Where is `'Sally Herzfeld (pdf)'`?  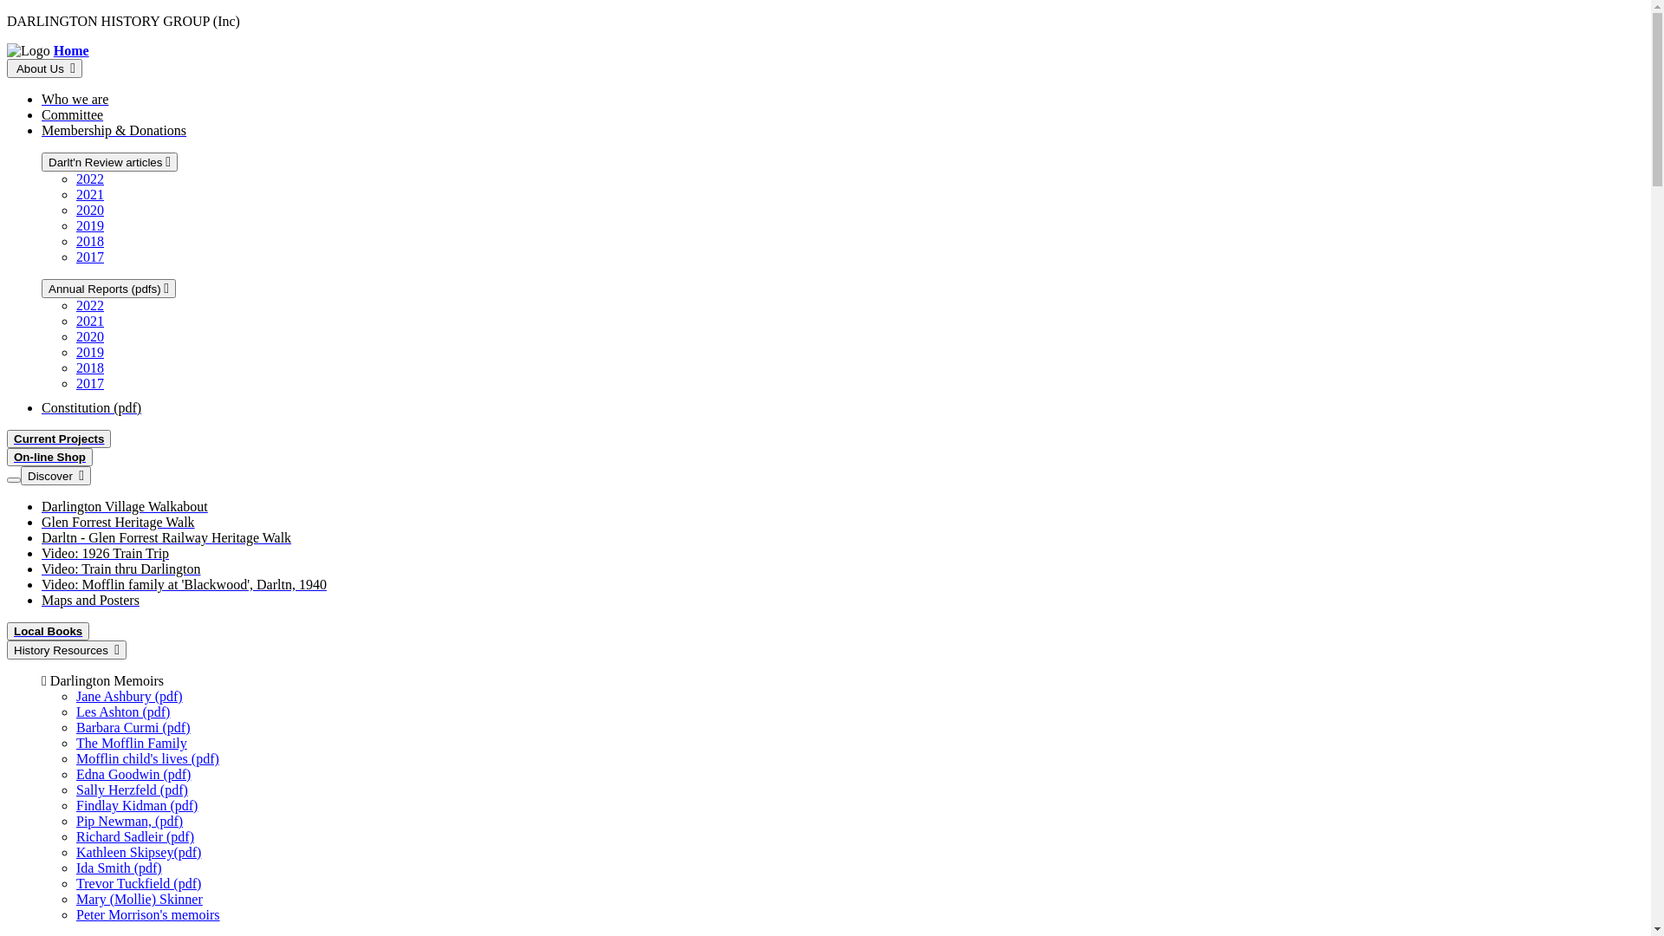
'Sally Herzfeld (pdf)' is located at coordinates (131, 790).